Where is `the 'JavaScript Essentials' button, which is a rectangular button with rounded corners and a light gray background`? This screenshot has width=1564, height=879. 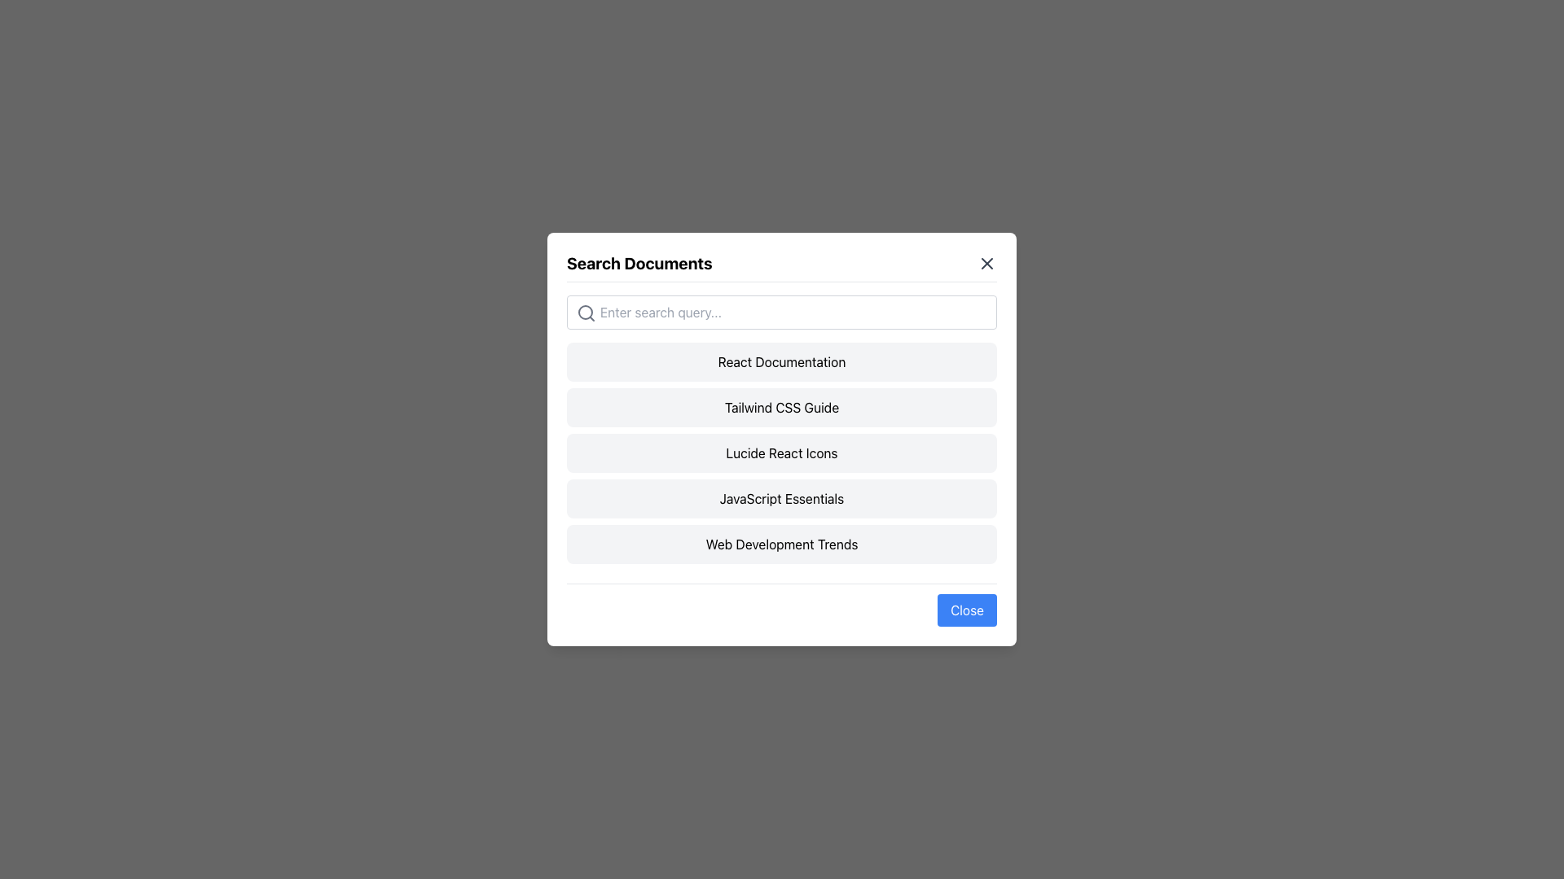
the 'JavaScript Essentials' button, which is a rectangular button with rounded corners and a light gray background is located at coordinates (782, 498).